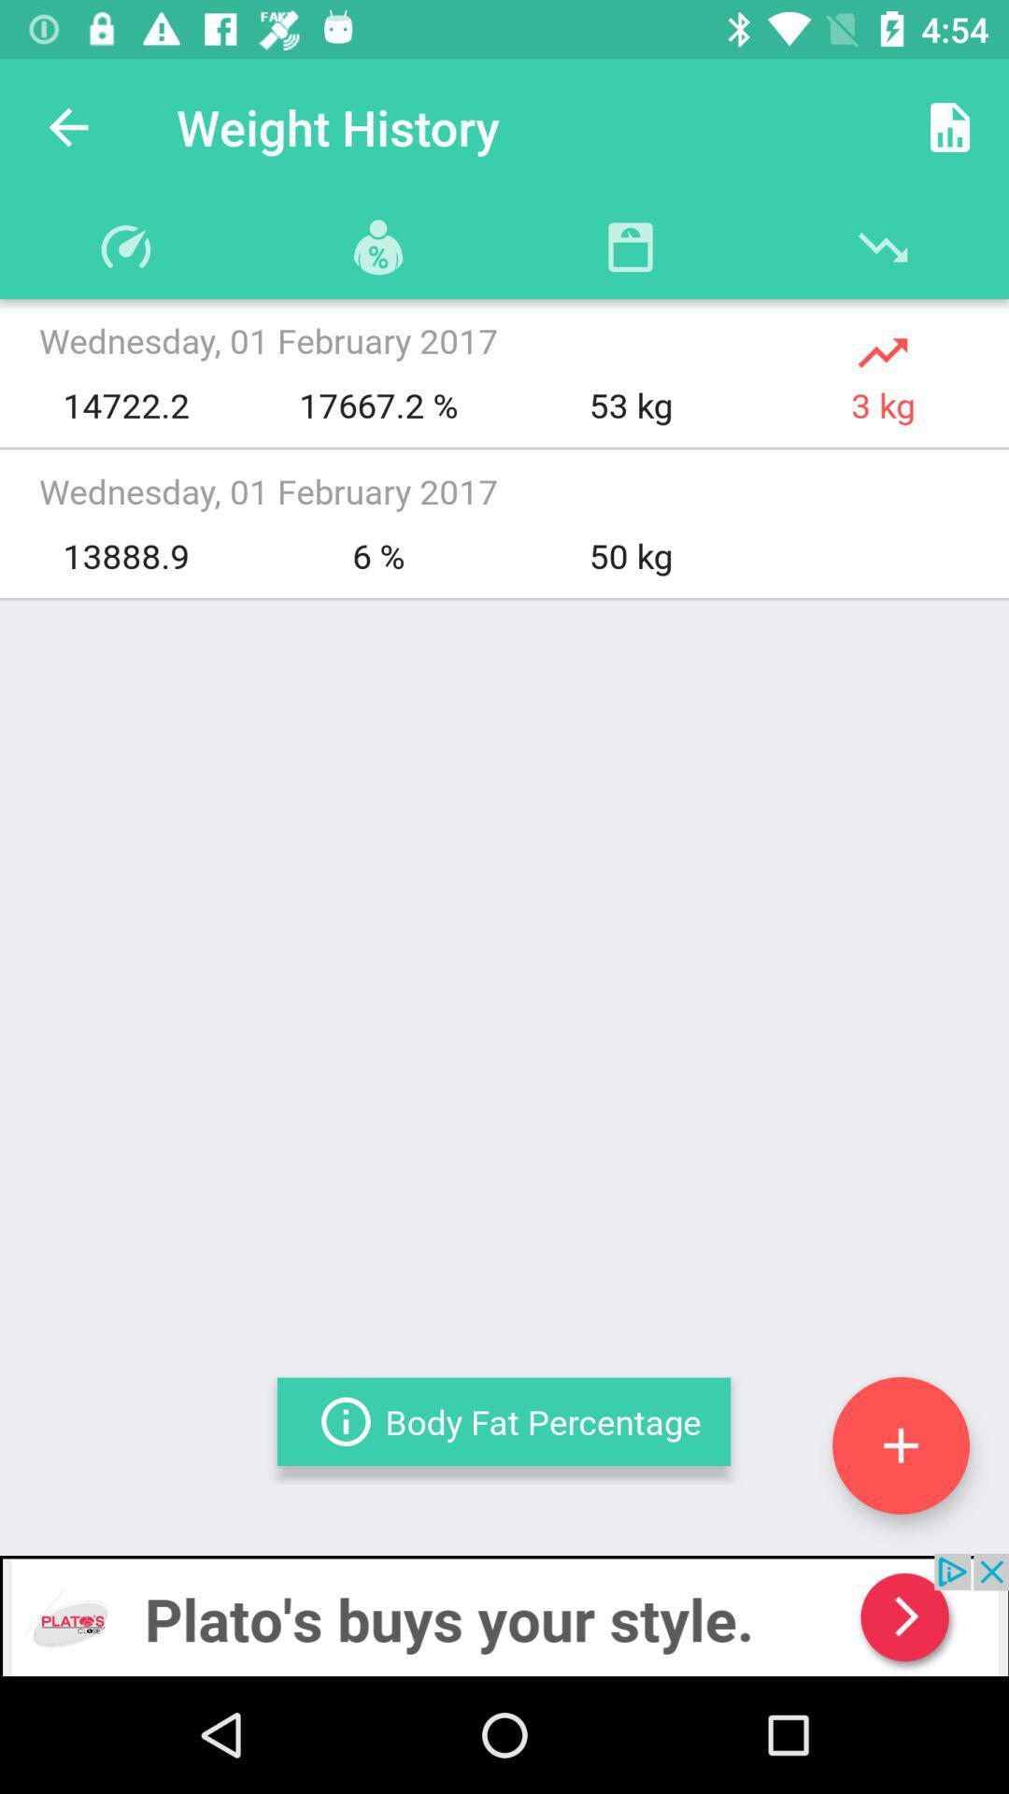 The width and height of the screenshot is (1009, 1794). Describe the element at coordinates (900, 1445) in the screenshot. I see `new add box` at that location.